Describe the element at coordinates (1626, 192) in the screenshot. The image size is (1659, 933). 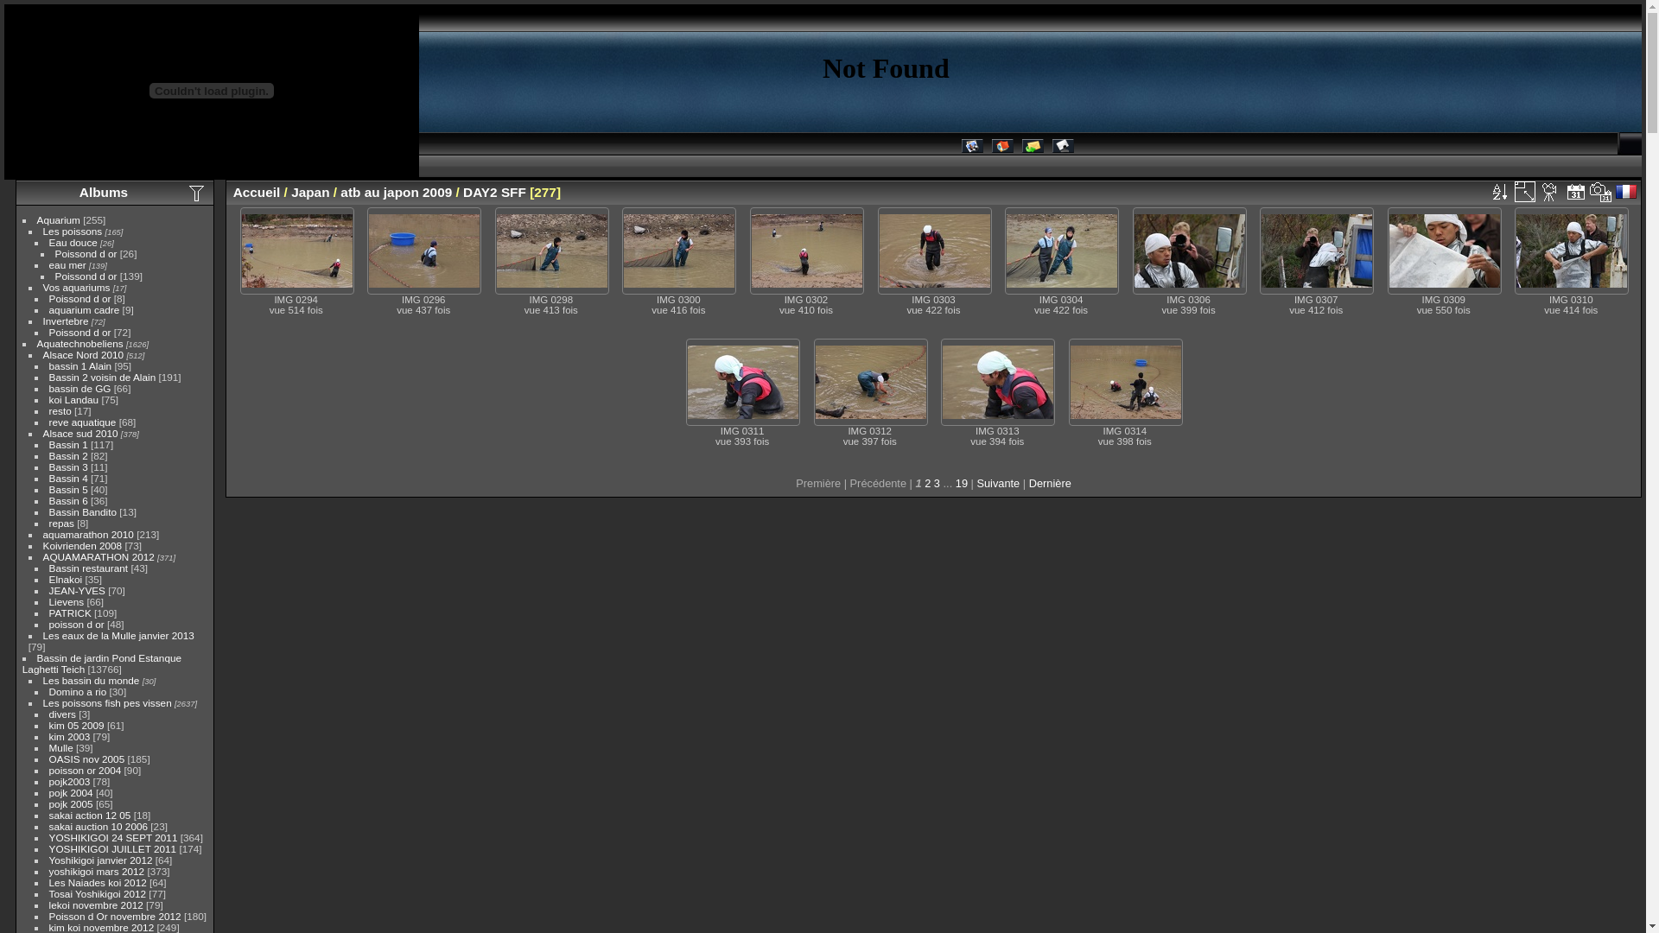
I see `'Langue'` at that location.